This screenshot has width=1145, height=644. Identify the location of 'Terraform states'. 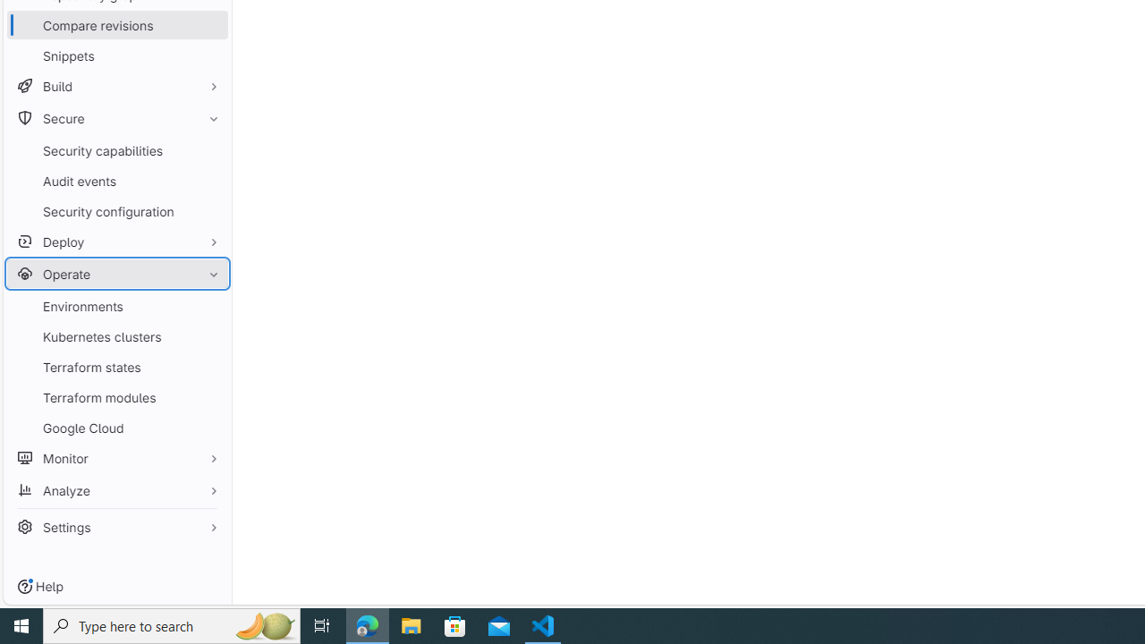
(116, 366).